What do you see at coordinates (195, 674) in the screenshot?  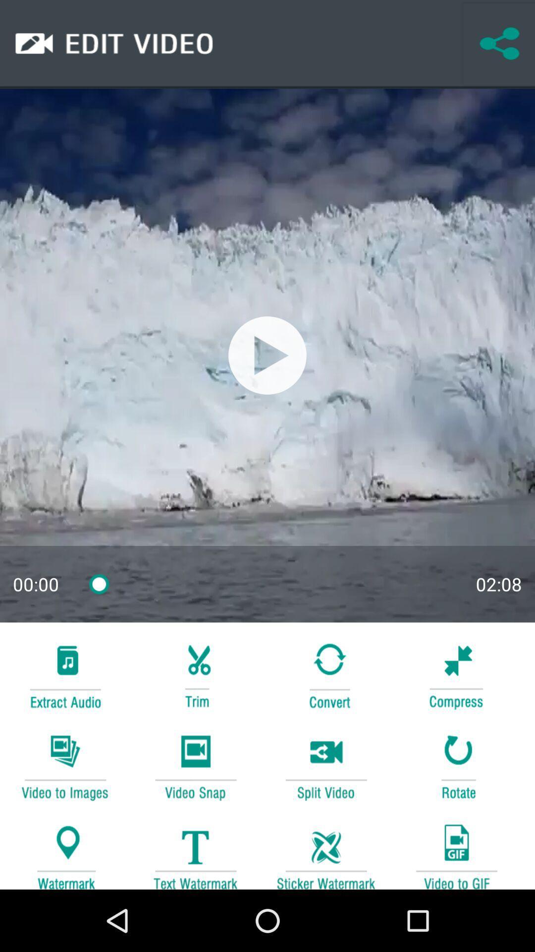 I see `trim option` at bounding box center [195, 674].